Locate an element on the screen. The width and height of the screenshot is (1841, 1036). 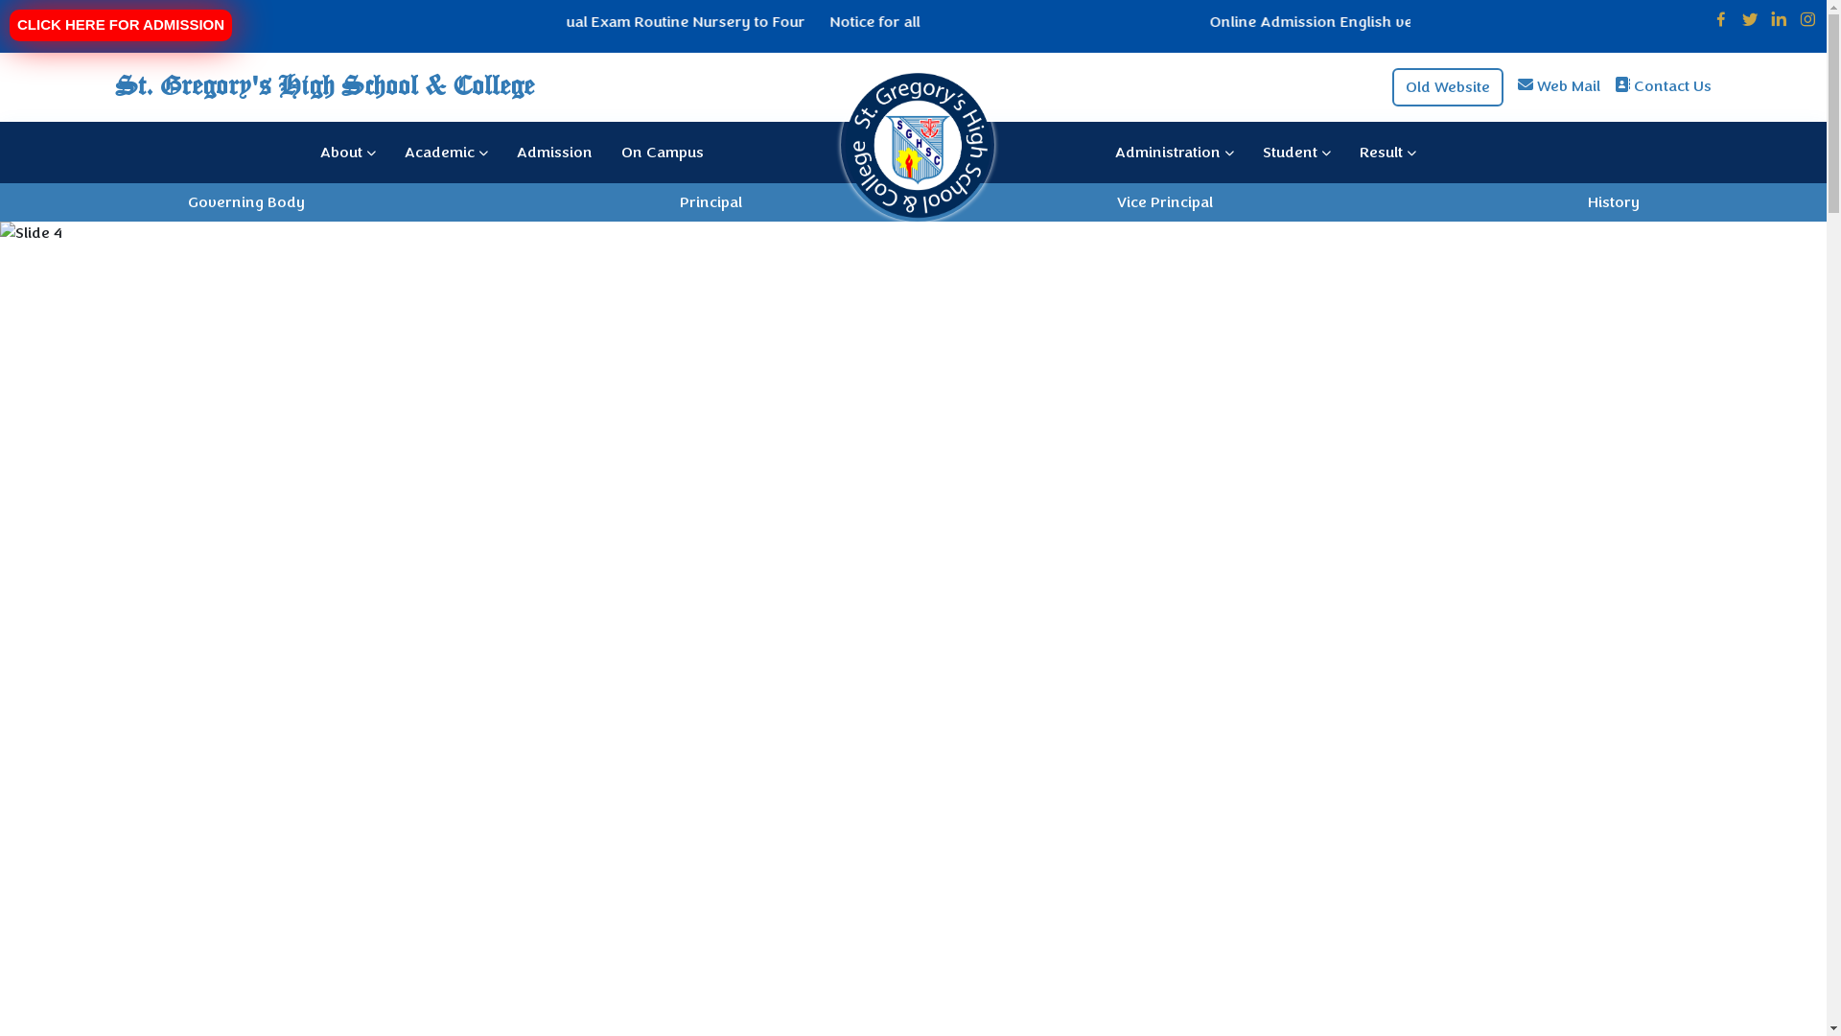
'CLICK HERE FOR ADMISSION' is located at coordinates (119, 25).